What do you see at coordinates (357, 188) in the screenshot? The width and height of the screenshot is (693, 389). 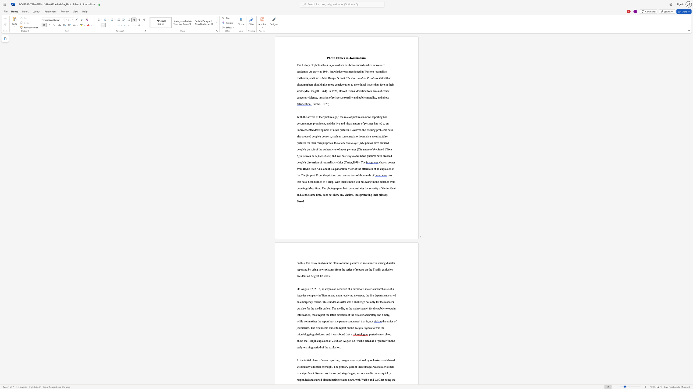 I see `the subset text "stra" within the text "demonstrates"` at bounding box center [357, 188].